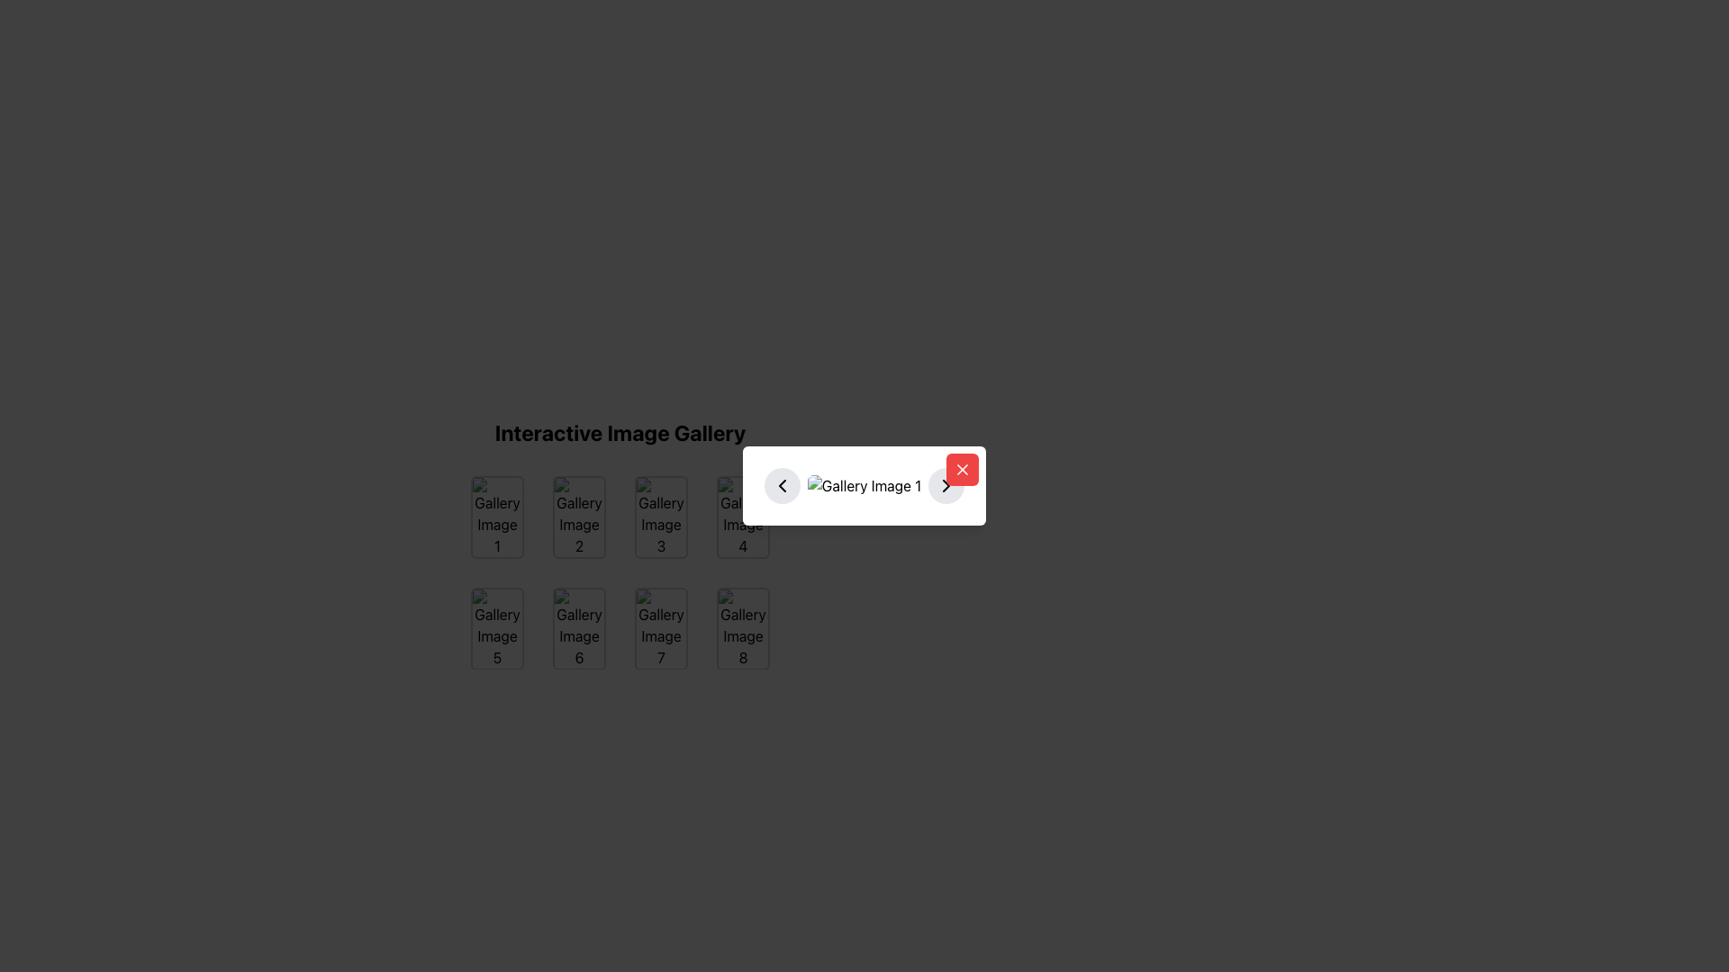 This screenshot has width=1729, height=972. I want to click on the navigation button located at the right end of the controls in the modal dialog to proceed to the next image in the gallery, so click(946, 486).